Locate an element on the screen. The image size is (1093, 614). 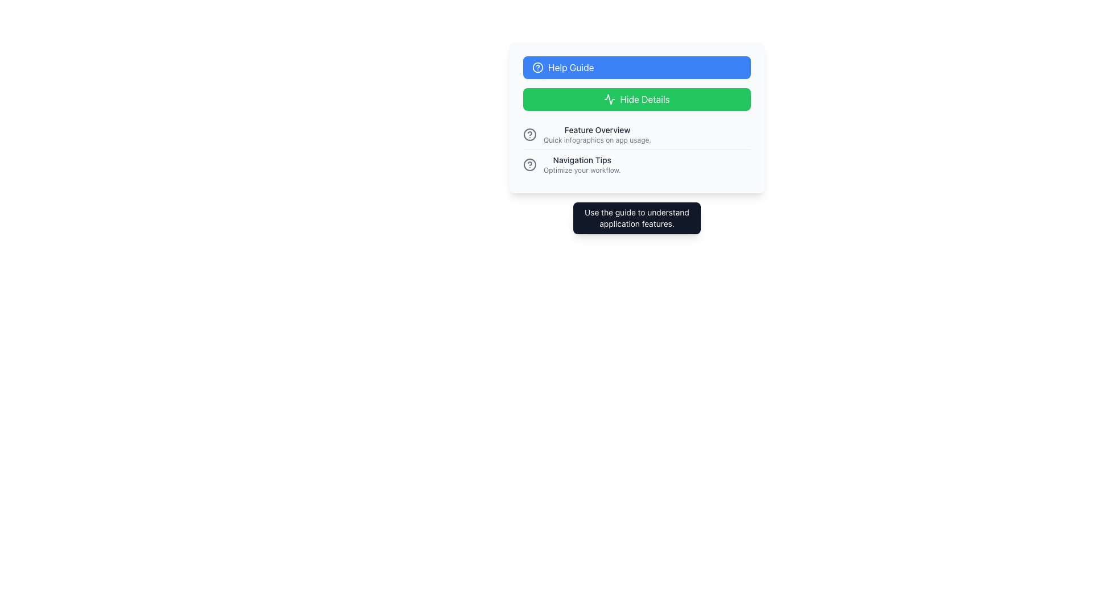
the text label displaying 'Quick infographics on app usage.' which is positioned below the title 'Feature Overview' is located at coordinates (597, 139).